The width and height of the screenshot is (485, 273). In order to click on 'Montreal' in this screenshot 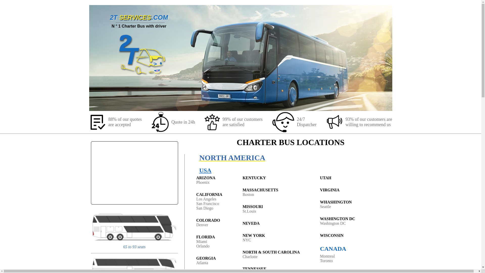, I will do `click(327, 256)`.